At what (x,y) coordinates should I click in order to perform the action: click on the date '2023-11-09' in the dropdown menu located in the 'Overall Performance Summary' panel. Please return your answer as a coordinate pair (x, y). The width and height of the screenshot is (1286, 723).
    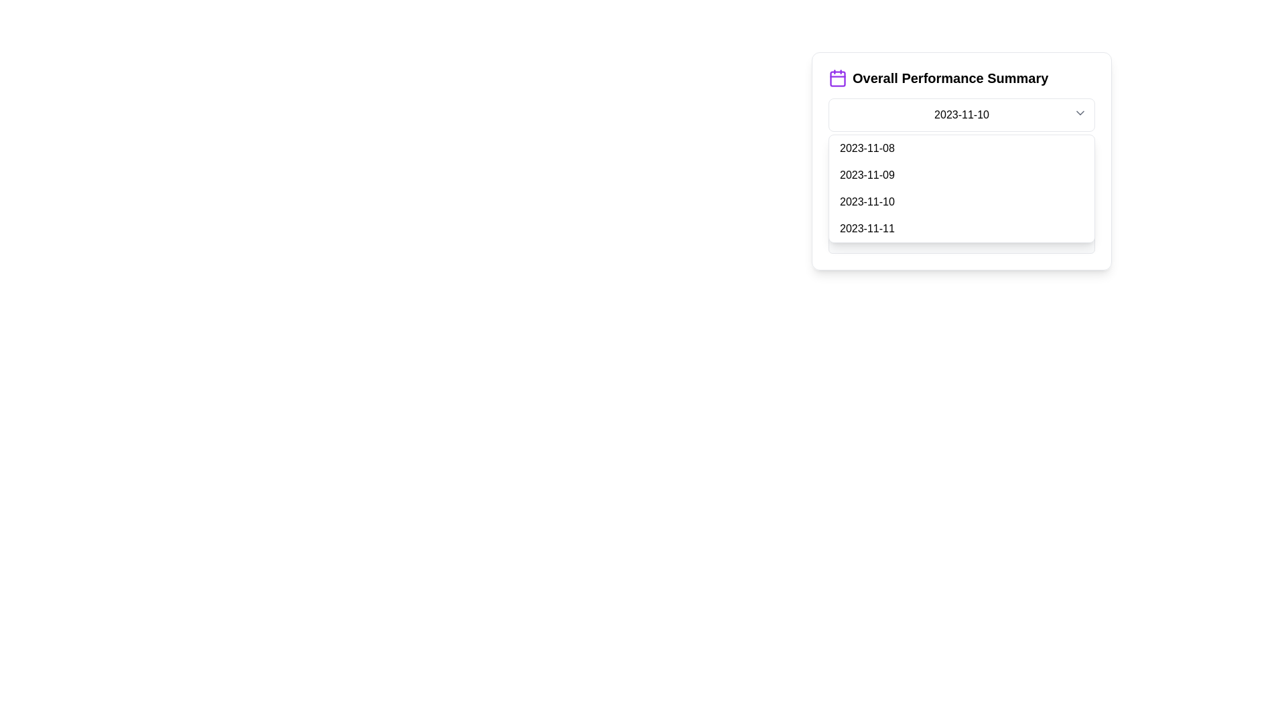
    Looking at the image, I should click on (960, 174).